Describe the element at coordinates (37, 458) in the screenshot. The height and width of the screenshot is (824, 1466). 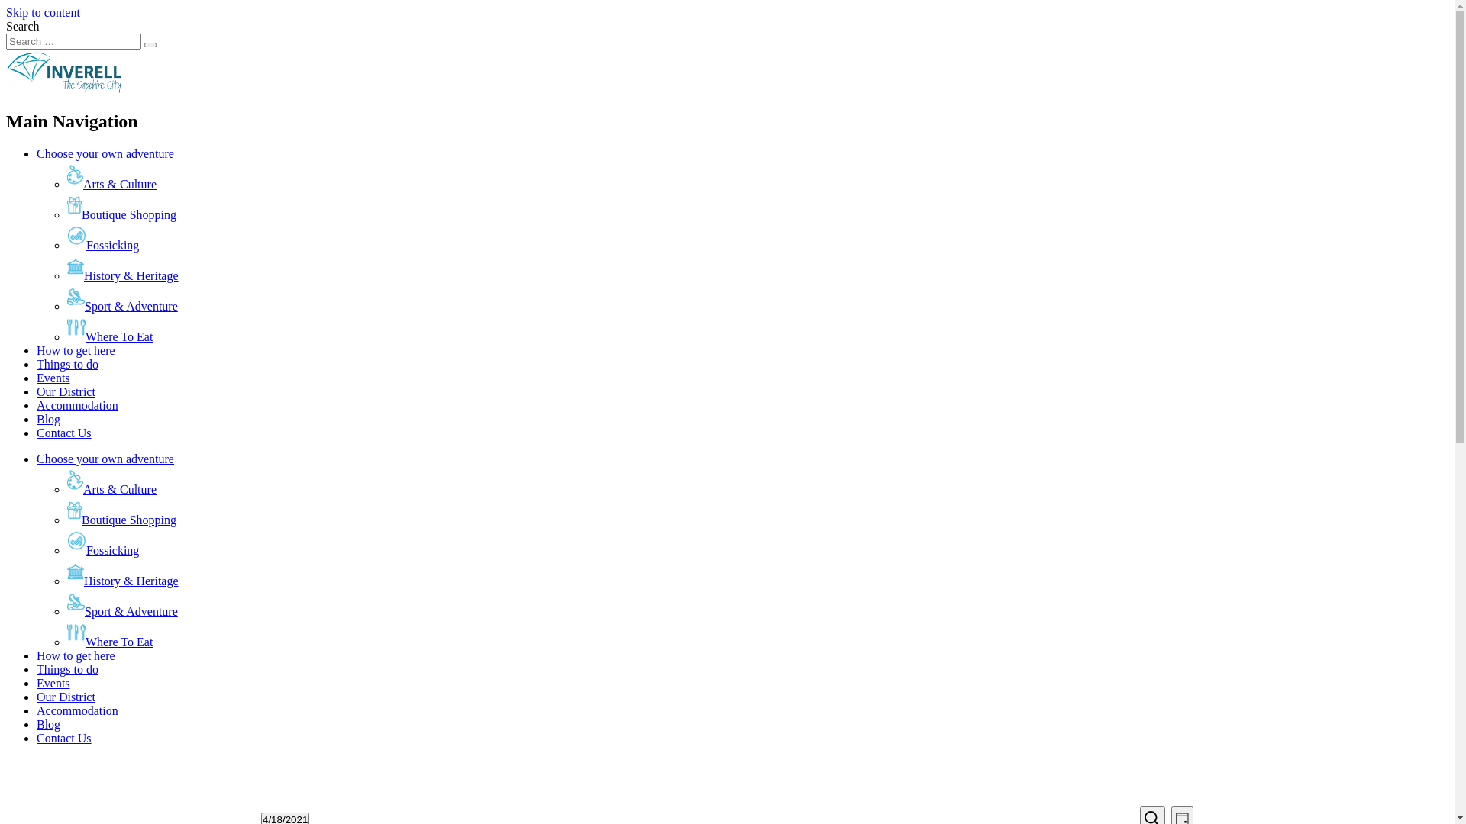
I see `'Choose your own adventure'` at that location.